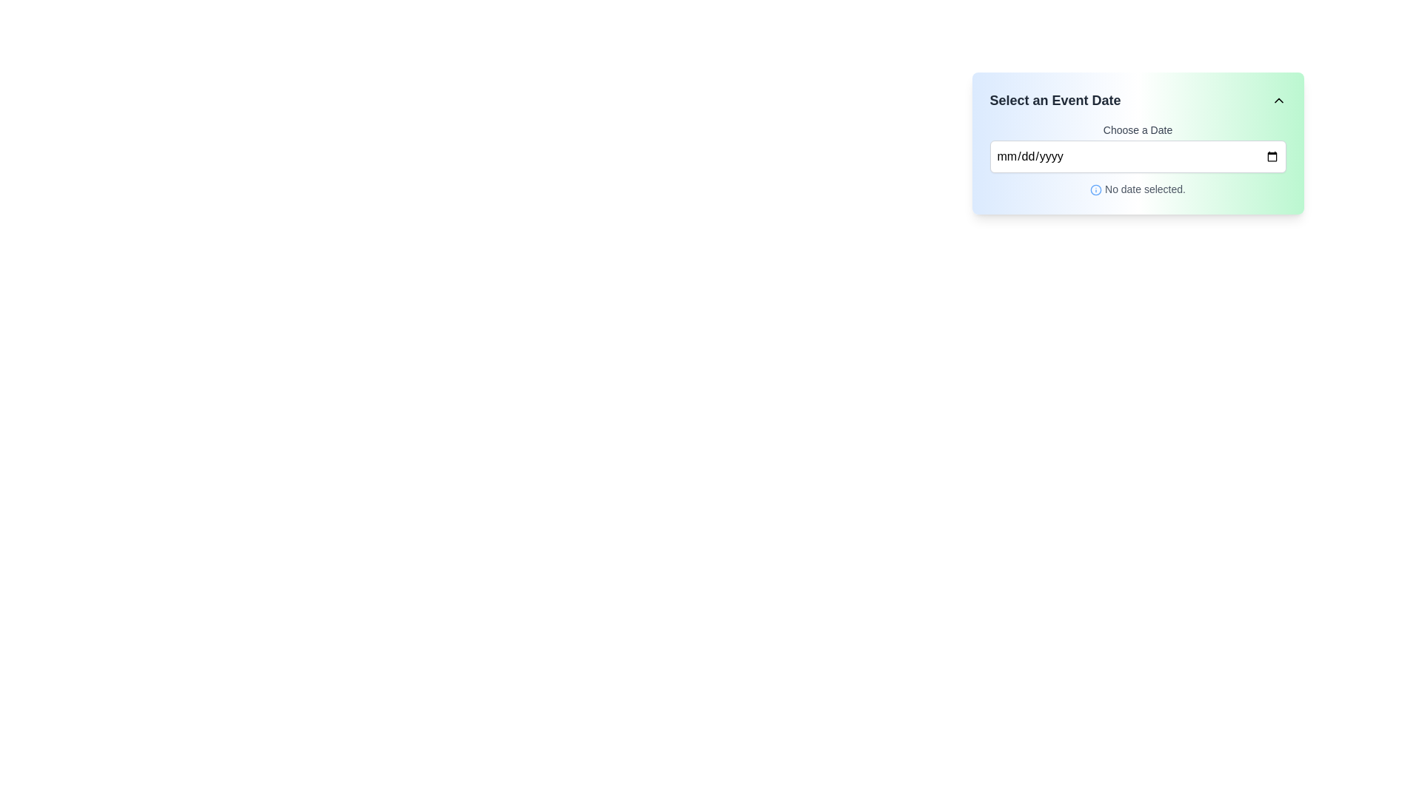  Describe the element at coordinates (1095, 189) in the screenshot. I see `the decorative circle within the SVG graphic located near the top-right corner of the interface` at that location.